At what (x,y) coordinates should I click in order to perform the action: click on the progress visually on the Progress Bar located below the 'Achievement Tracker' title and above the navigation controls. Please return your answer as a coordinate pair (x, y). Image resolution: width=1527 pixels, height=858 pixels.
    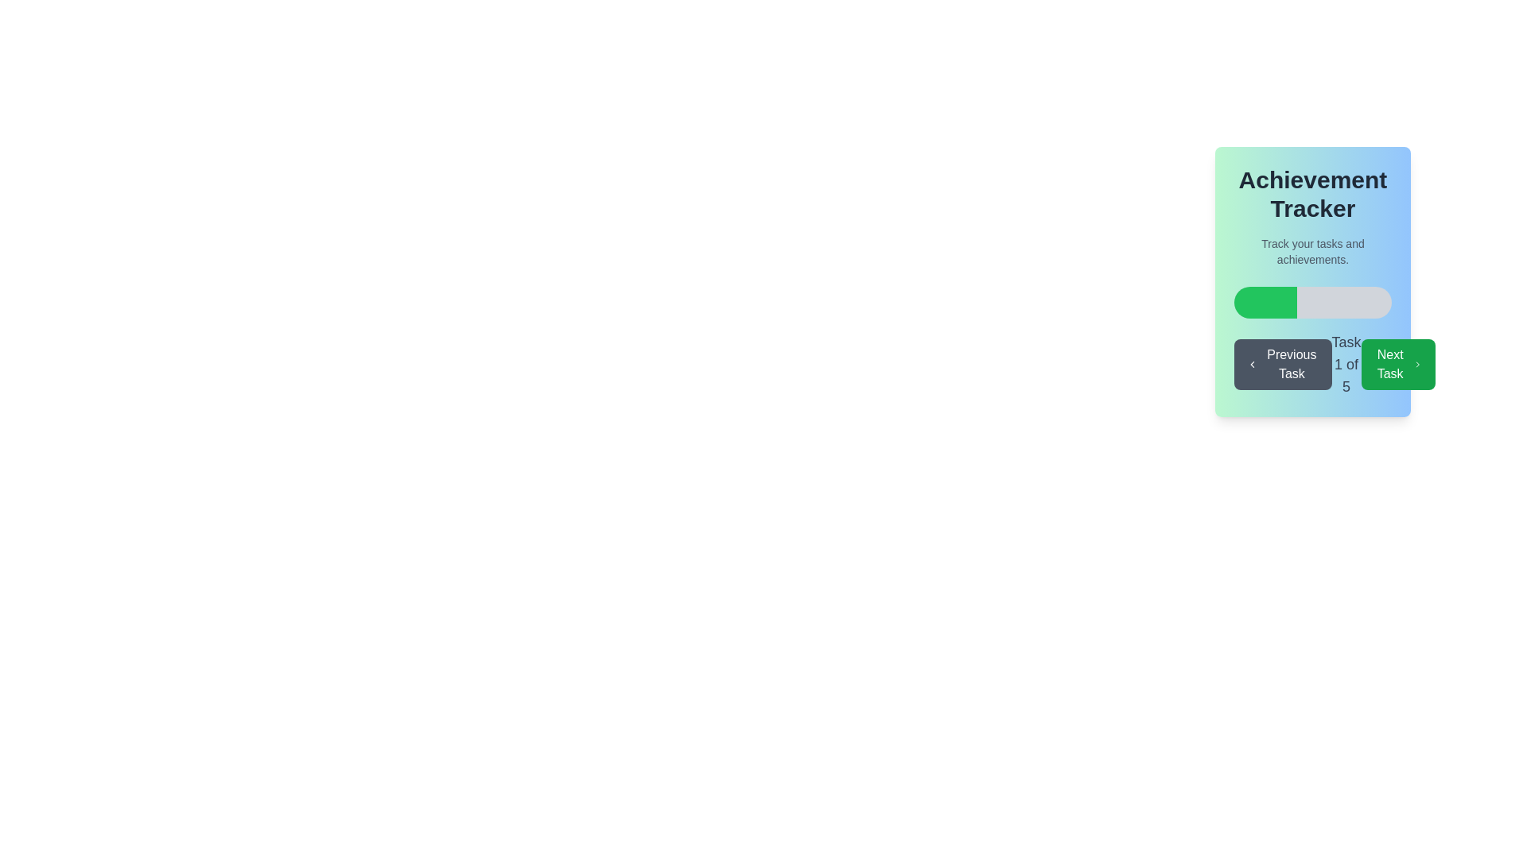
    Looking at the image, I should click on (1313, 303).